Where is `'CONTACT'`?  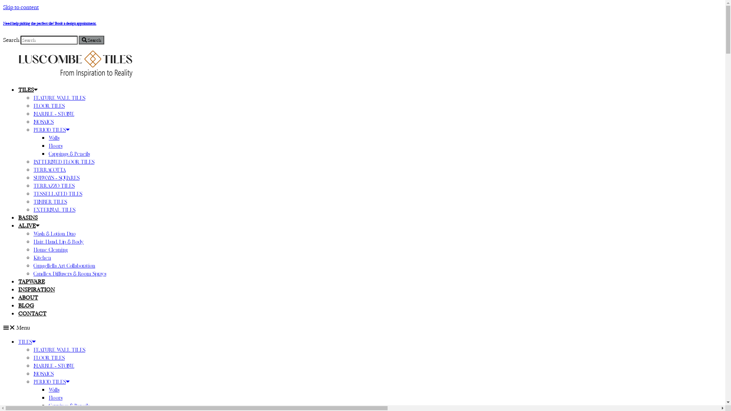
'CONTACT' is located at coordinates (32, 313).